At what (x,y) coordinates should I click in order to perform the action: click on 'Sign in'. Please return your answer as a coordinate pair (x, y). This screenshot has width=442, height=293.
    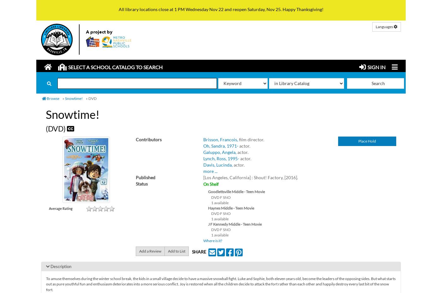
    Looking at the image, I should click on (376, 67).